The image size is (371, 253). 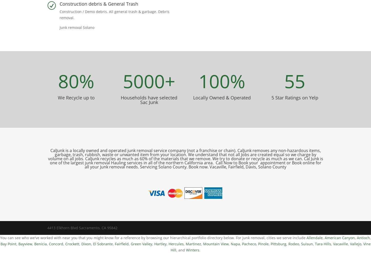 I want to click on 'Junk removal Solano', so click(x=77, y=27).